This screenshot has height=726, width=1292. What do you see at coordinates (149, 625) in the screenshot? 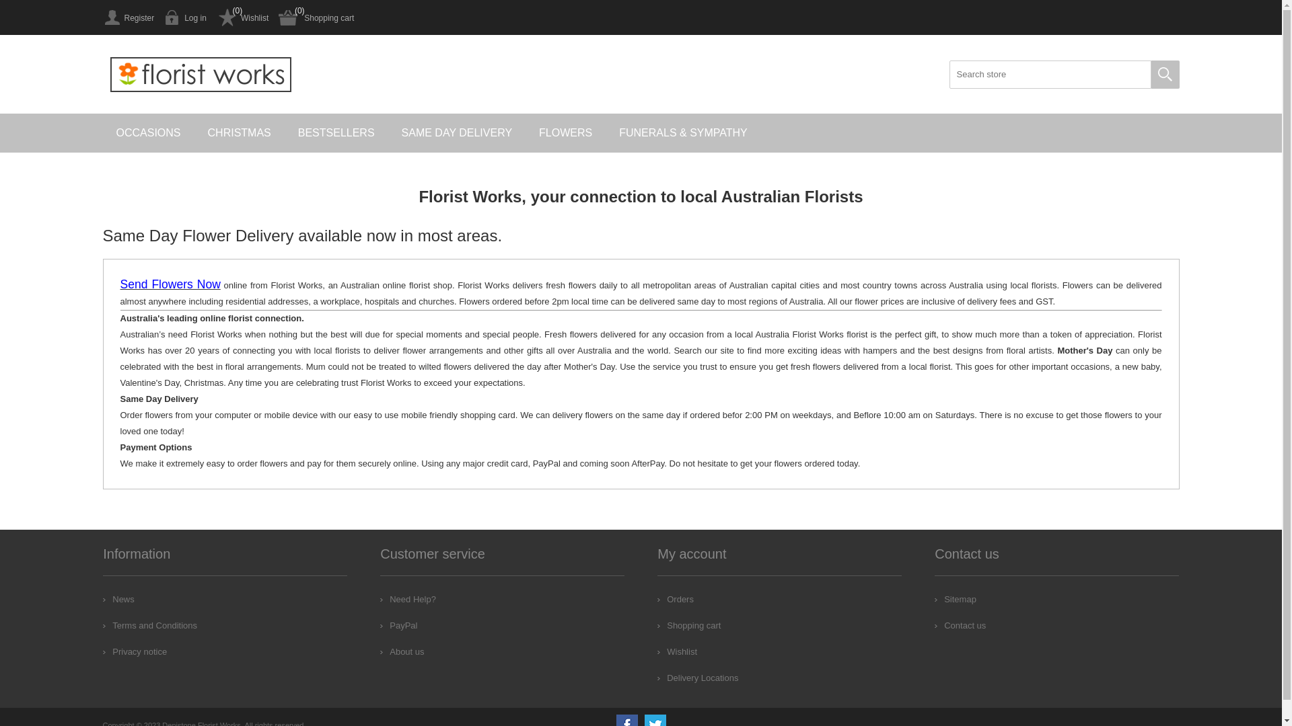
I see `'Terms and Conditions'` at bounding box center [149, 625].